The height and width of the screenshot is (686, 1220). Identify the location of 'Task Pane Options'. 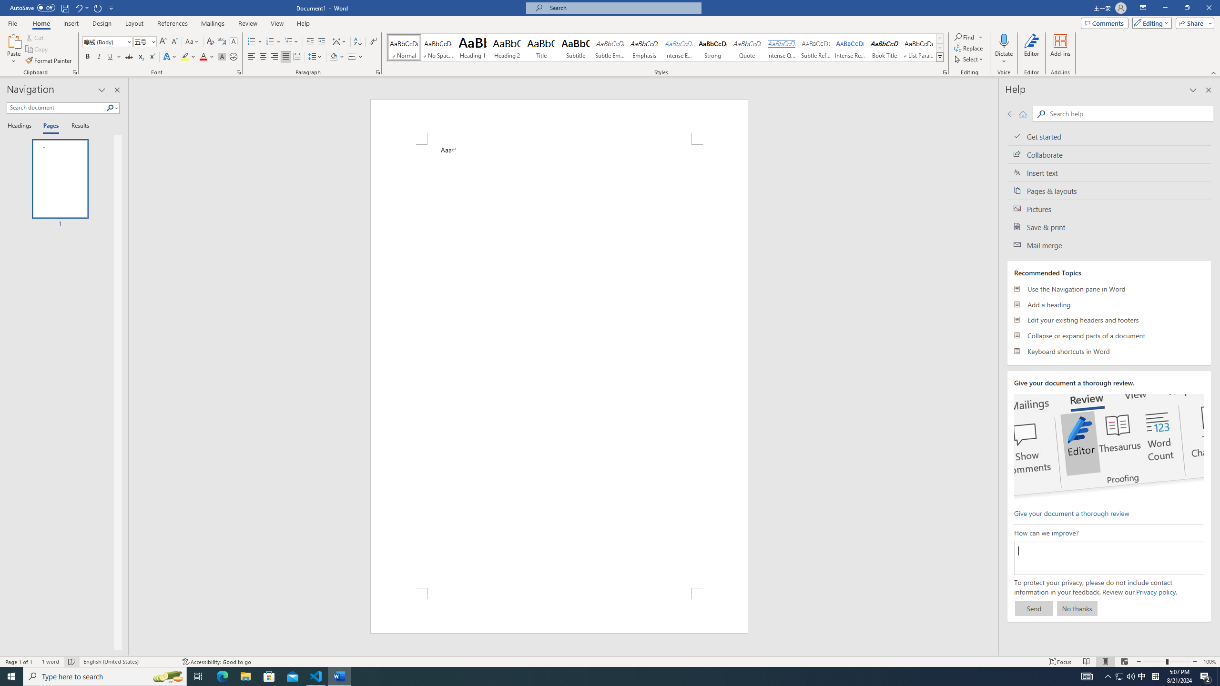
(101, 90).